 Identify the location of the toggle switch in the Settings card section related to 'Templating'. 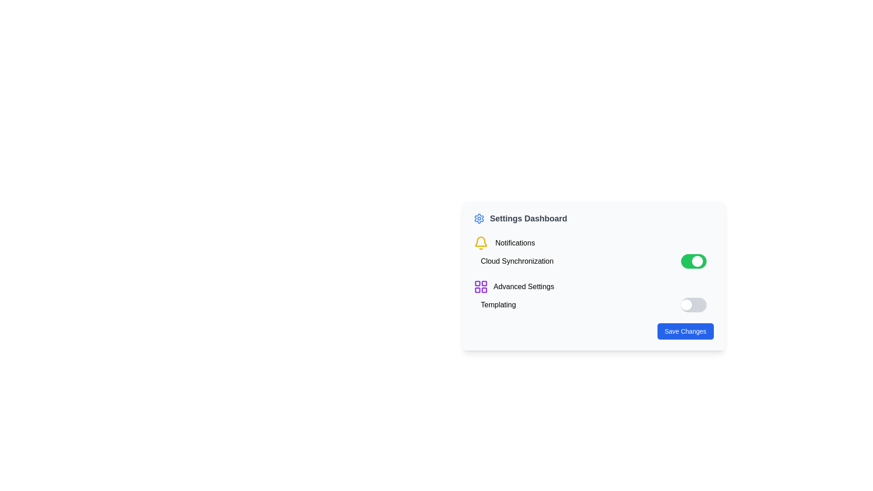
(593, 296).